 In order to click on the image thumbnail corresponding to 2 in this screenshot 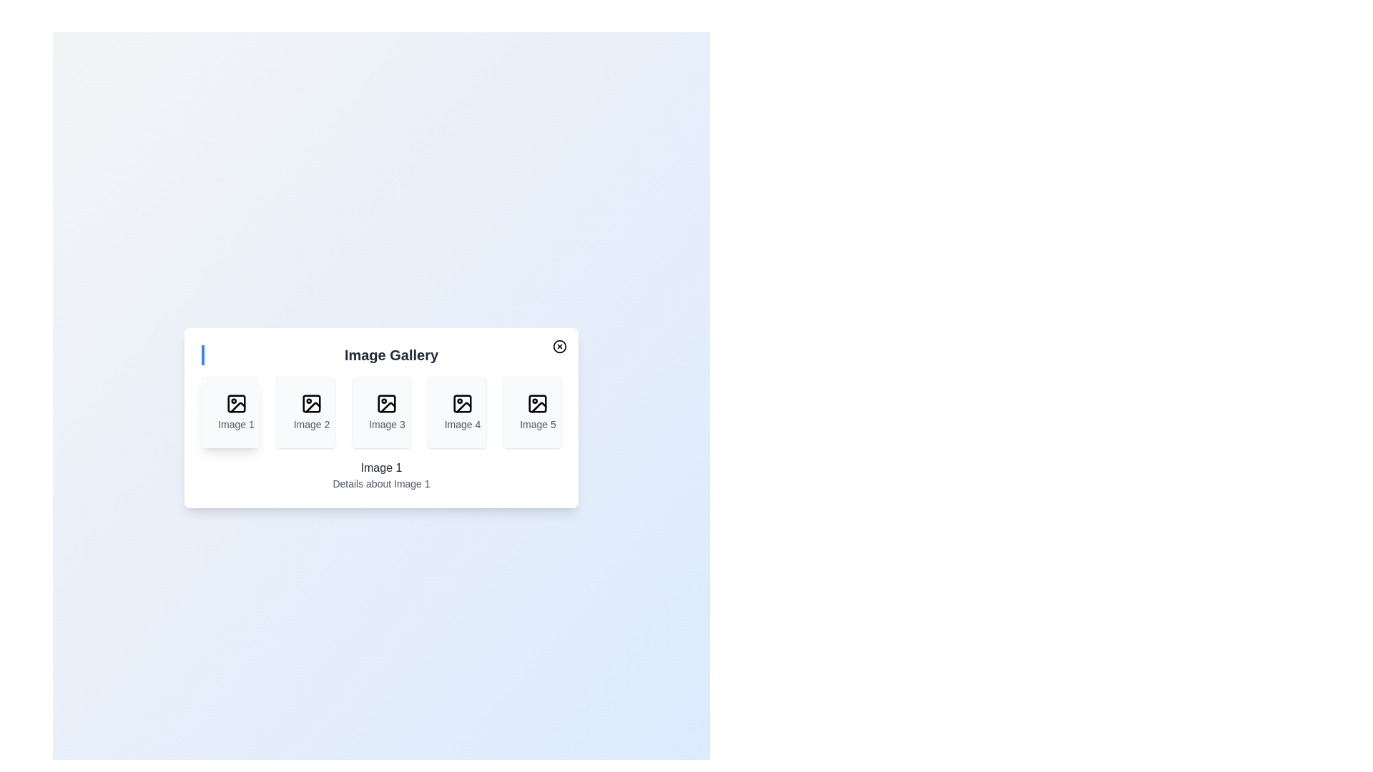, I will do `click(305, 412)`.